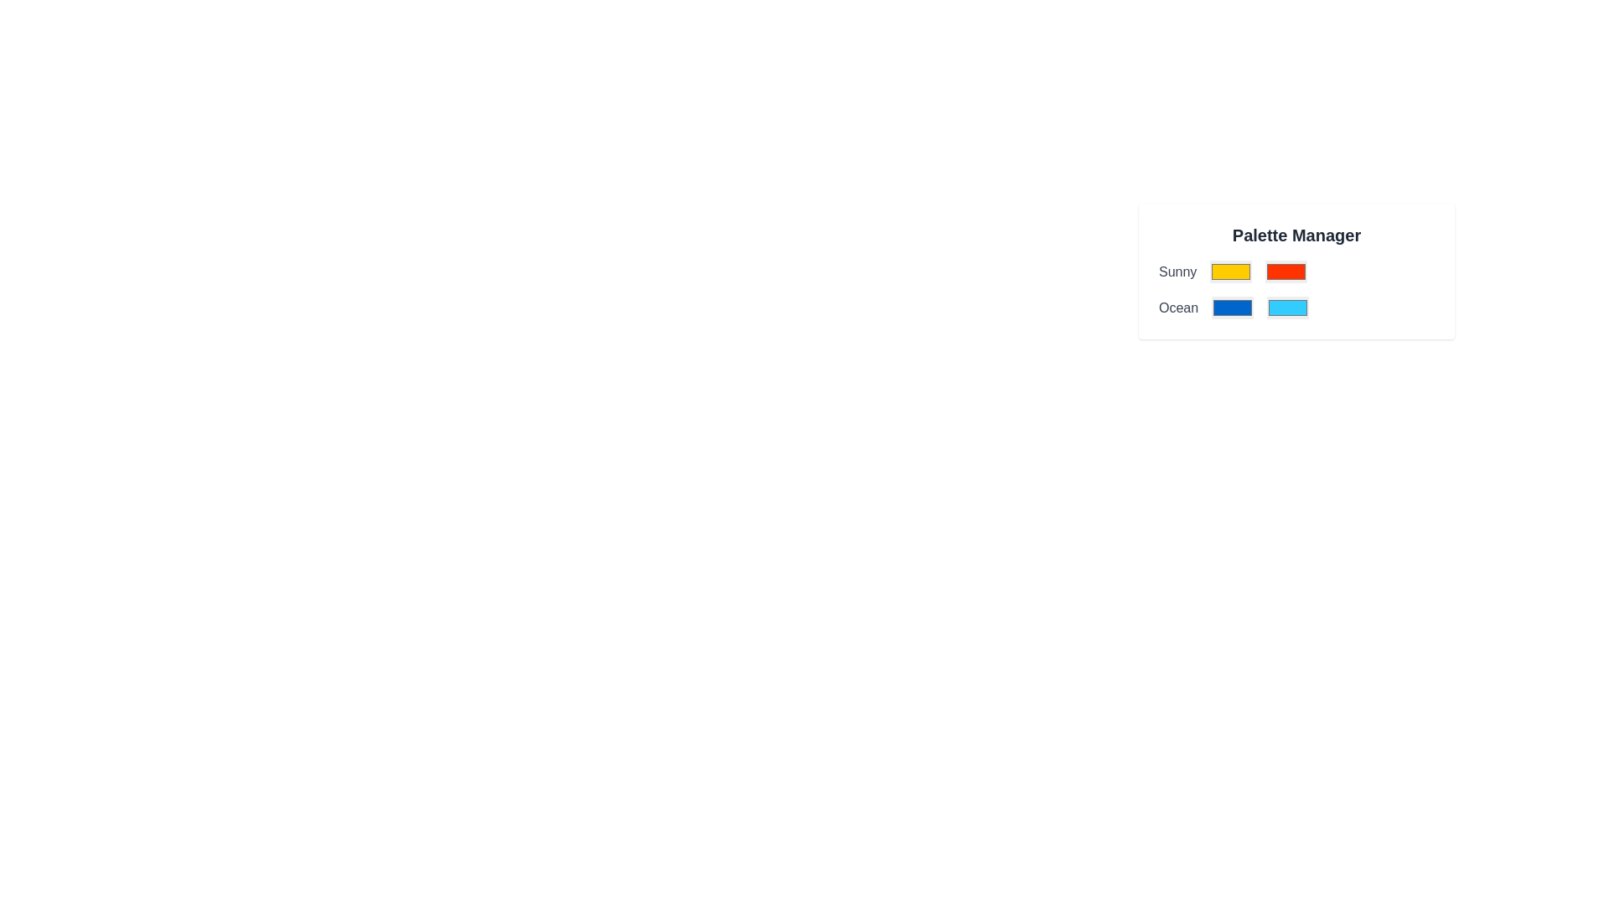 This screenshot has width=1609, height=905. I want to click on the yellow color input element, which is the first color box in the 'Sunny' row under the 'Palette Manager' section, so click(1231, 271).